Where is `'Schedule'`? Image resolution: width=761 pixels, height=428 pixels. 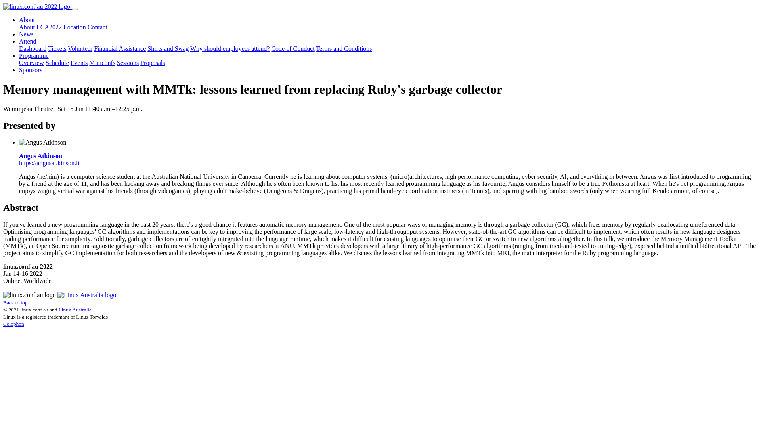
'Schedule' is located at coordinates (45, 62).